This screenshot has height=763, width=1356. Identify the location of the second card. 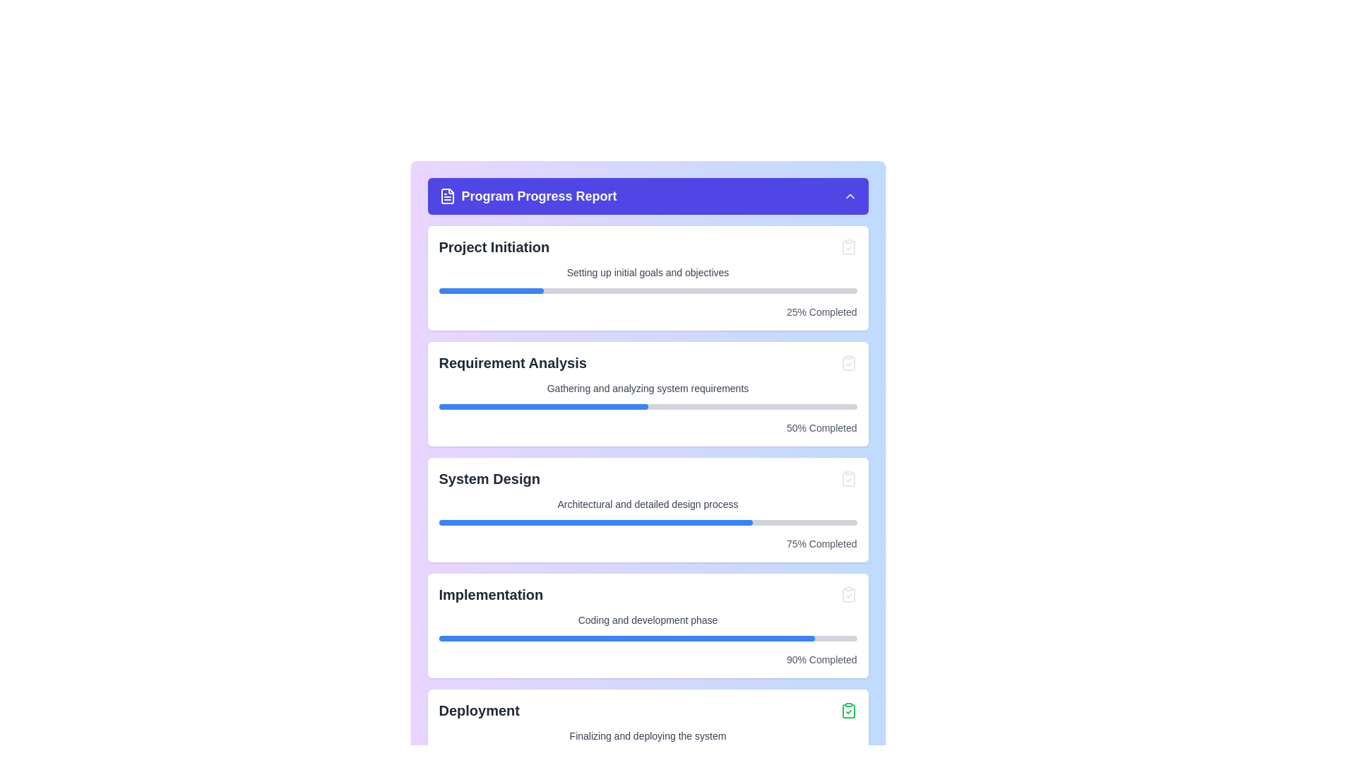
(647, 394).